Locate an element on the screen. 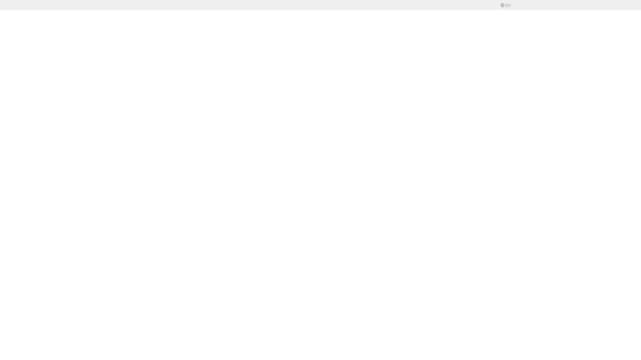 The width and height of the screenshot is (641, 360). Login is located at coordinates (437, 81).